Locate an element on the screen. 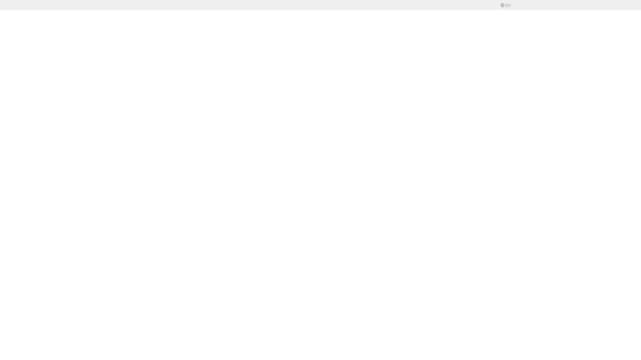 The width and height of the screenshot is (641, 360). Login is located at coordinates (437, 81).